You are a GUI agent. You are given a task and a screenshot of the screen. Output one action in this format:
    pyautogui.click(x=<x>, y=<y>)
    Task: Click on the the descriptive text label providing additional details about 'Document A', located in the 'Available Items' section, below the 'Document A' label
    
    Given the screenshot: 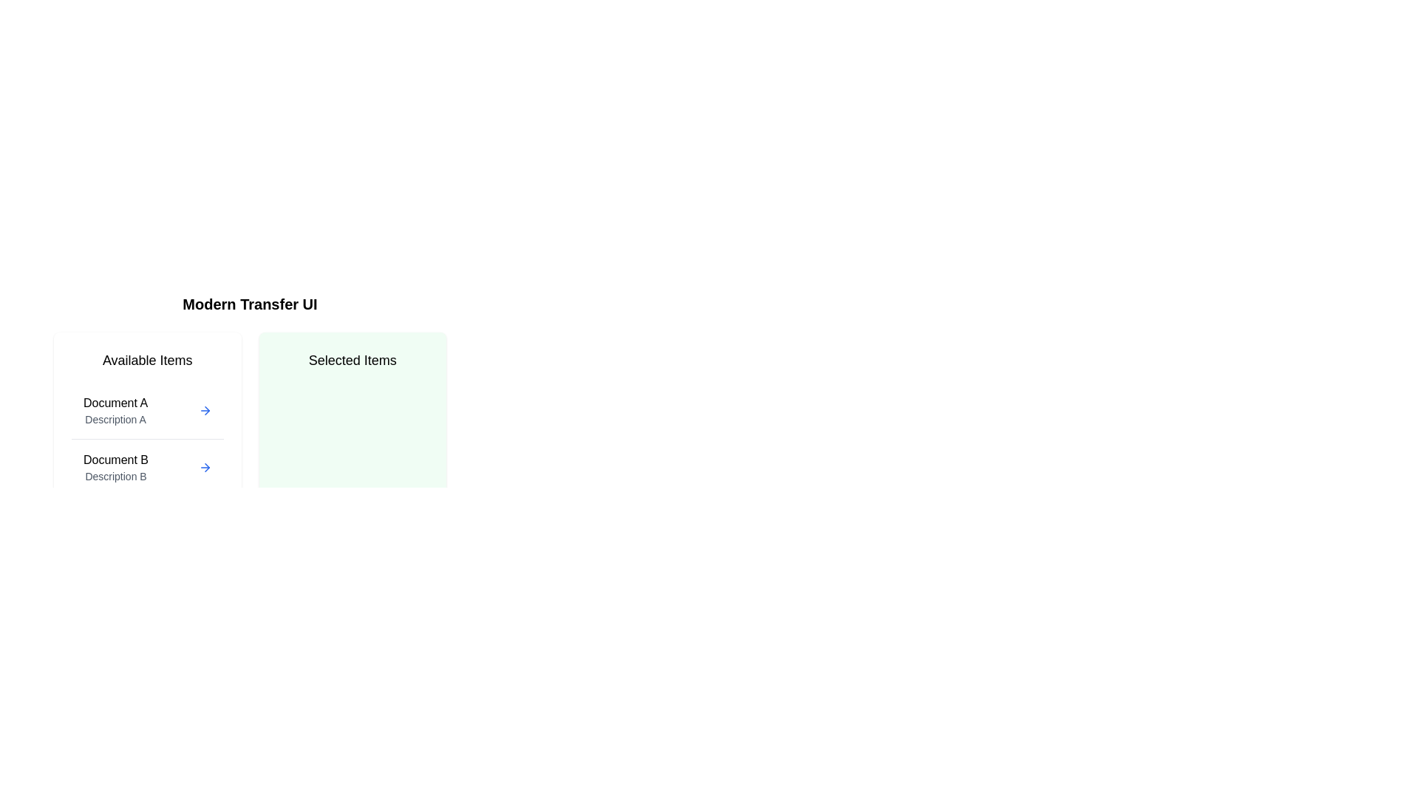 What is the action you would take?
    pyautogui.click(x=115, y=419)
    